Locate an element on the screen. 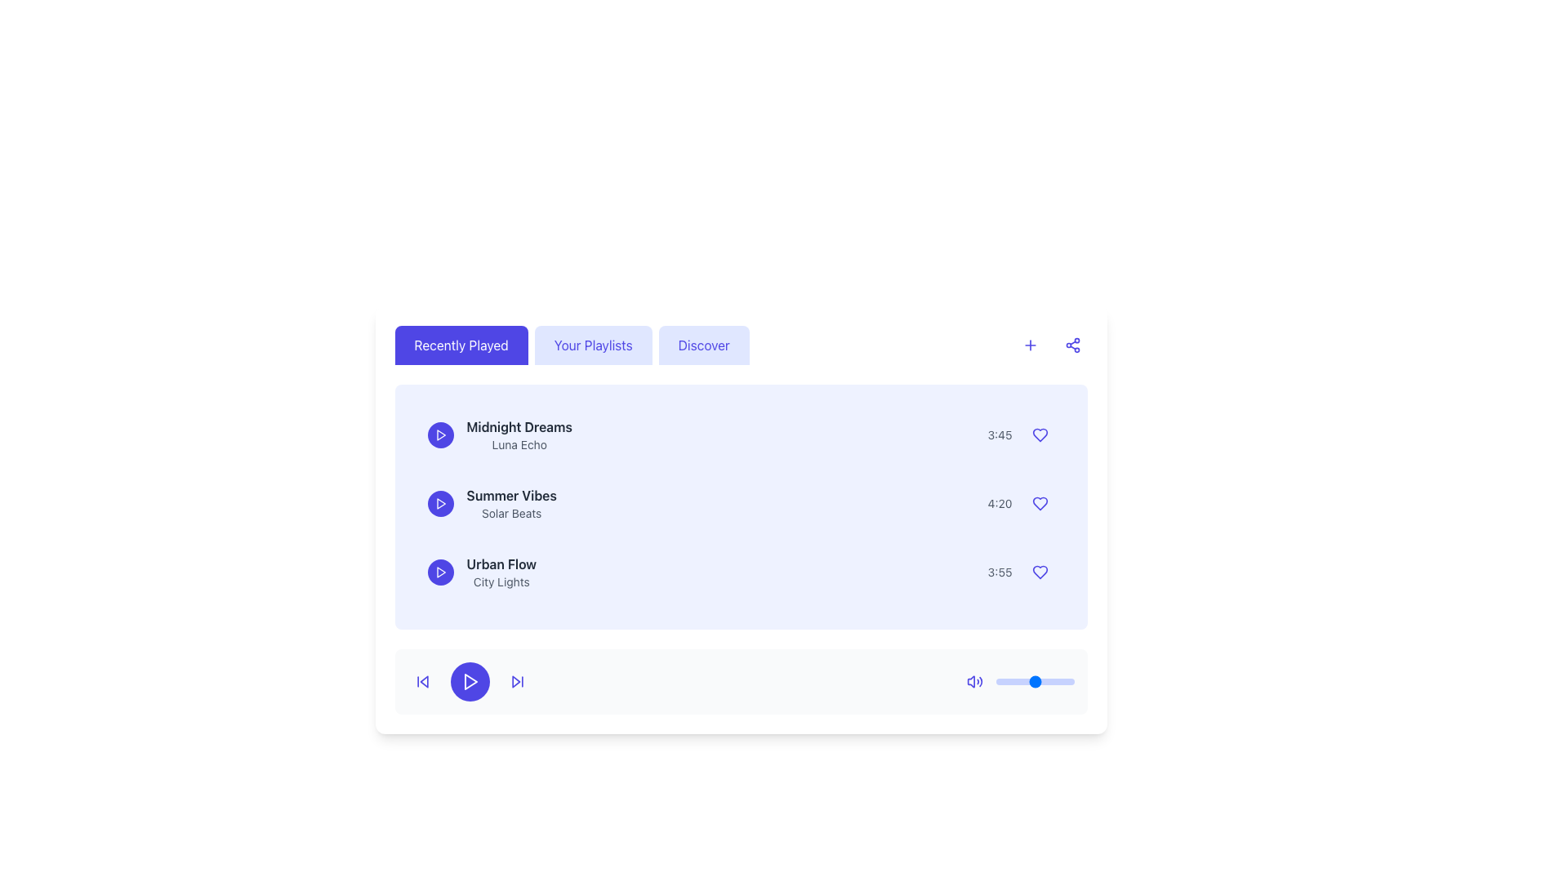  content presented in the label displaying the title 'Summer Vibes' by 'Solar Beats', located in the second row of the track list, between 'Midnight Dreams' and 'Urban Flow' is located at coordinates (510, 503).